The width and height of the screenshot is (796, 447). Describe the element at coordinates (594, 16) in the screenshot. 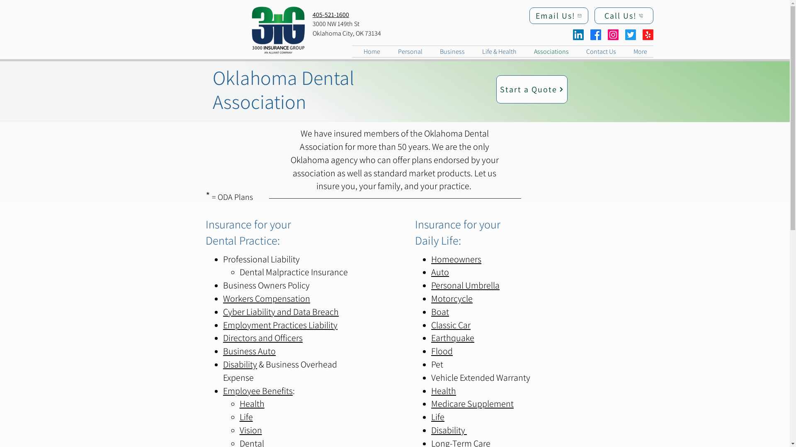

I see `'Call Us!'` at that location.